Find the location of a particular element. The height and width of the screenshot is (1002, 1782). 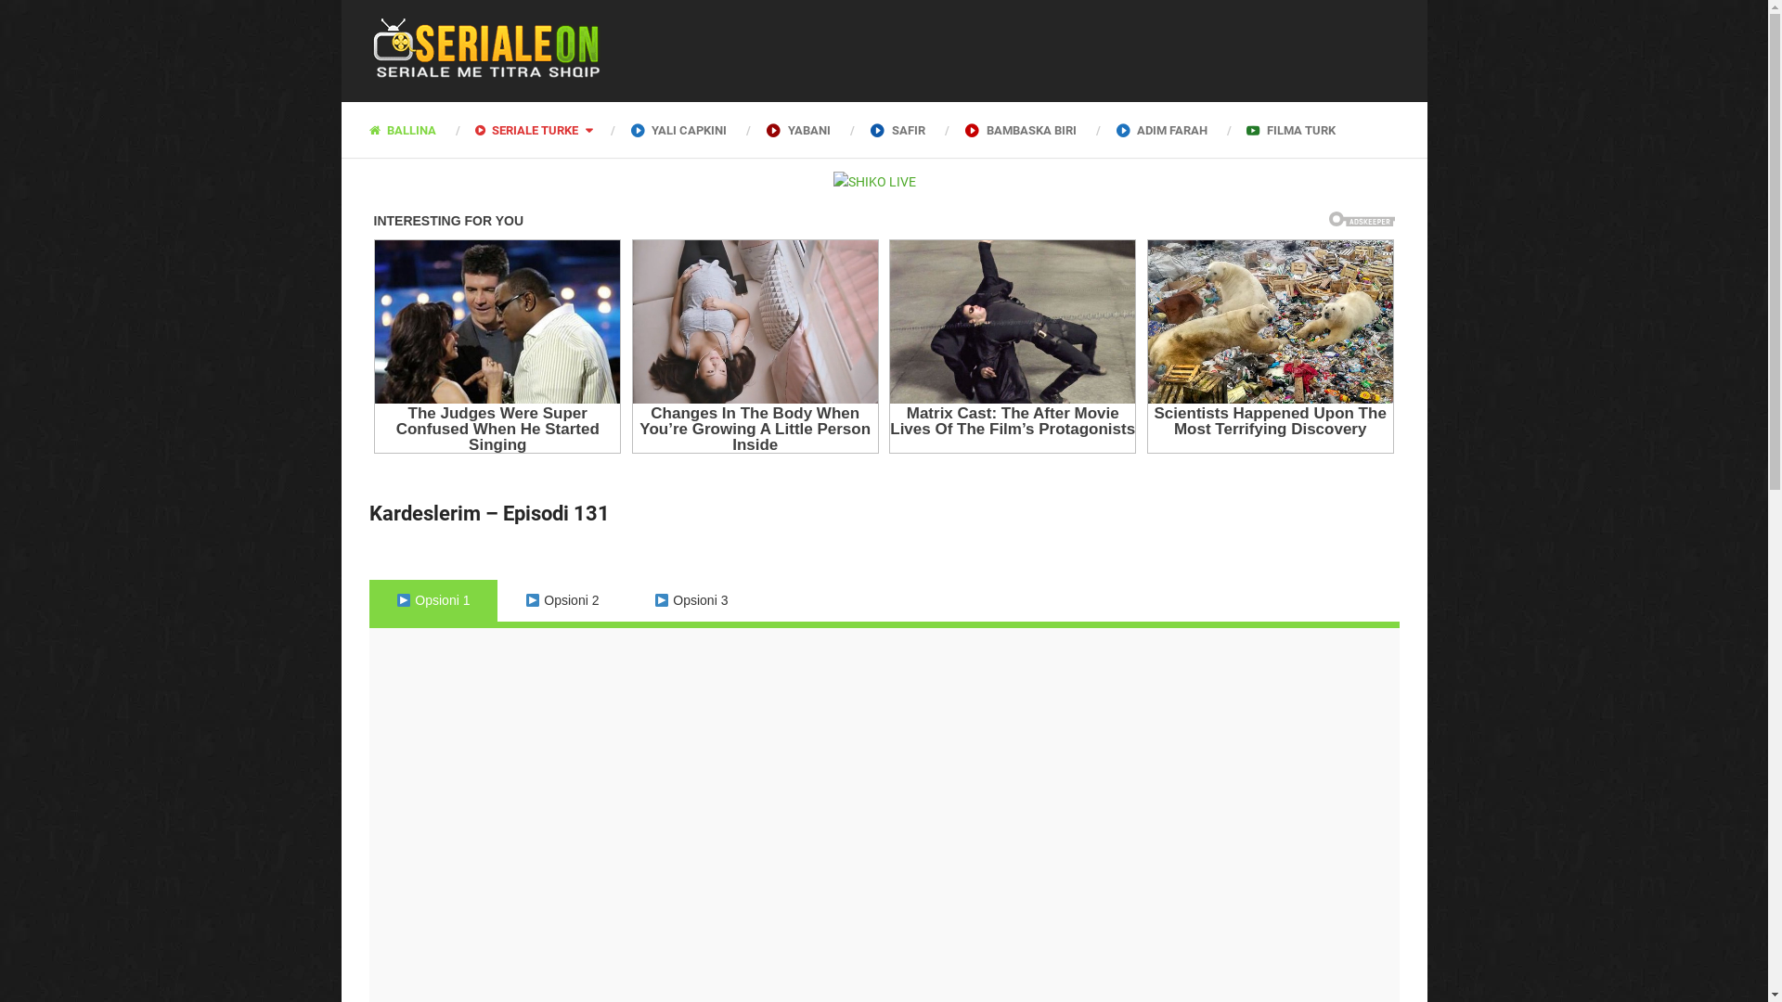

'Opsioni 2' is located at coordinates (561, 600).